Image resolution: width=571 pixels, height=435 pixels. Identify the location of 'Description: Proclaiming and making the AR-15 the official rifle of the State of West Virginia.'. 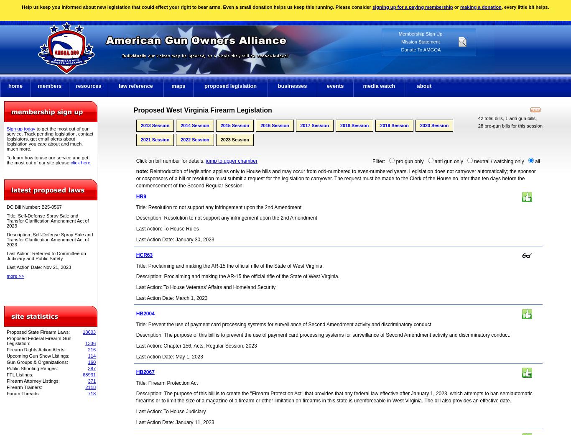
(237, 276).